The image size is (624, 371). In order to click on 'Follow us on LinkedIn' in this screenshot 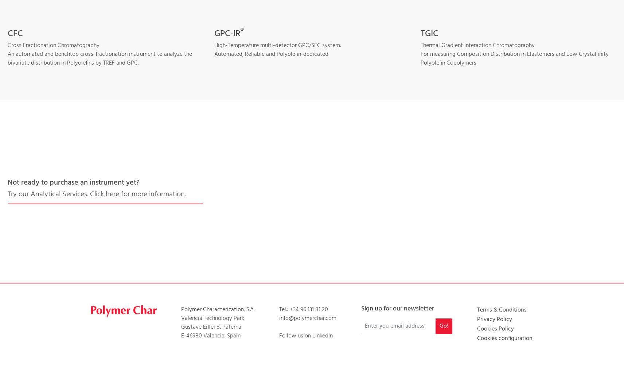, I will do `click(278, 335)`.